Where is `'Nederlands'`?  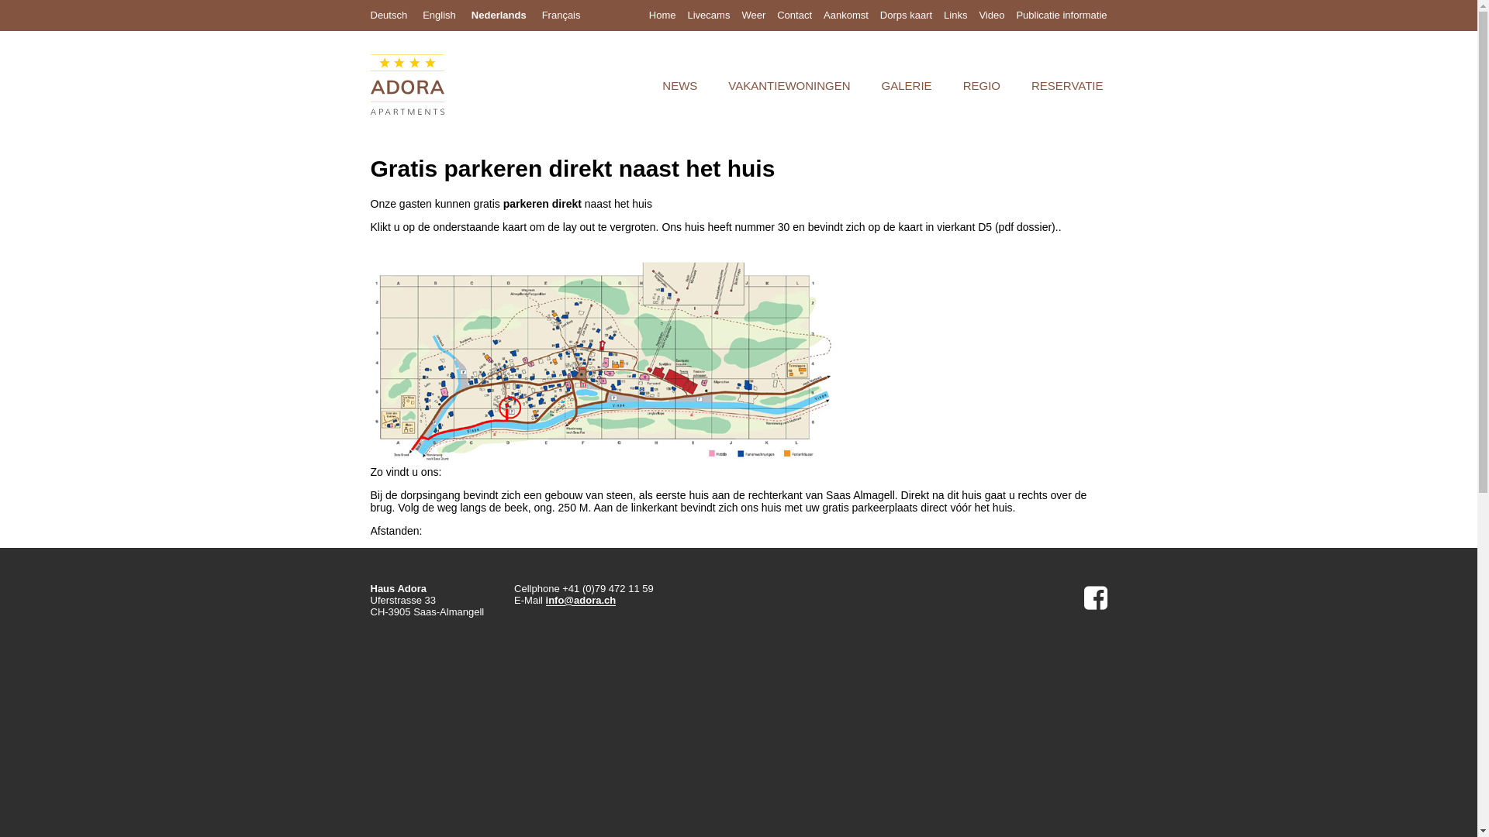
'Nederlands' is located at coordinates (471, 15).